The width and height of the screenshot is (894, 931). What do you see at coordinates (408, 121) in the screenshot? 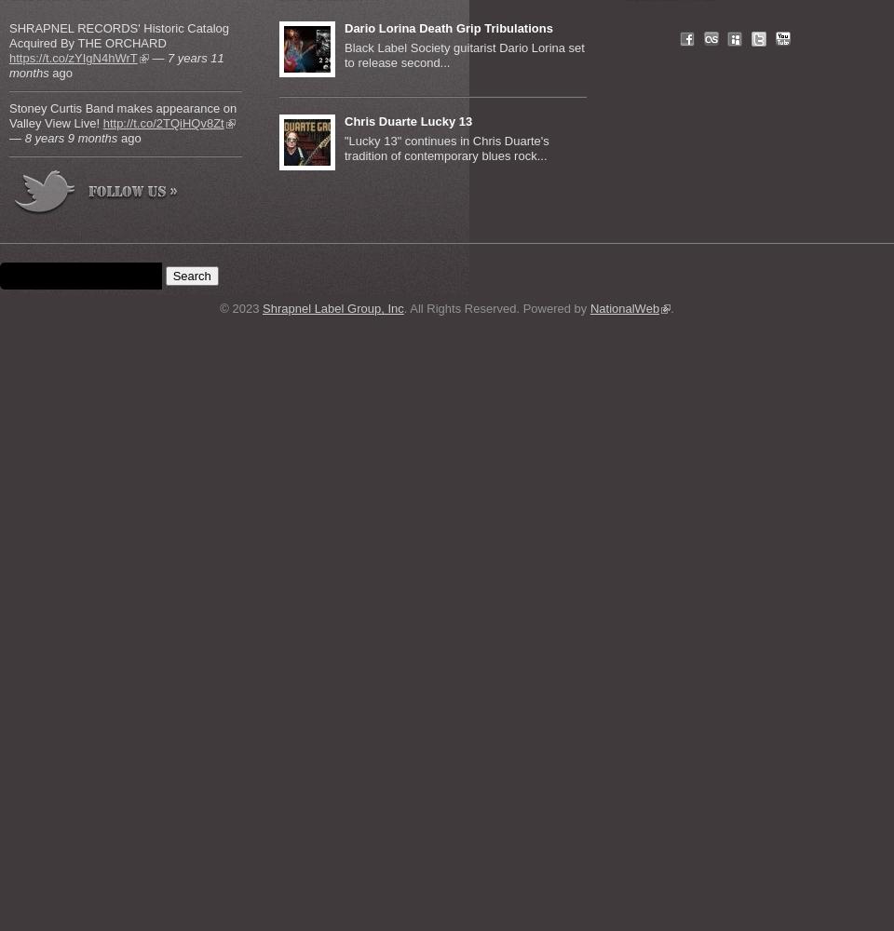
I see `'Chris Duarte Lucky 13'` at bounding box center [408, 121].